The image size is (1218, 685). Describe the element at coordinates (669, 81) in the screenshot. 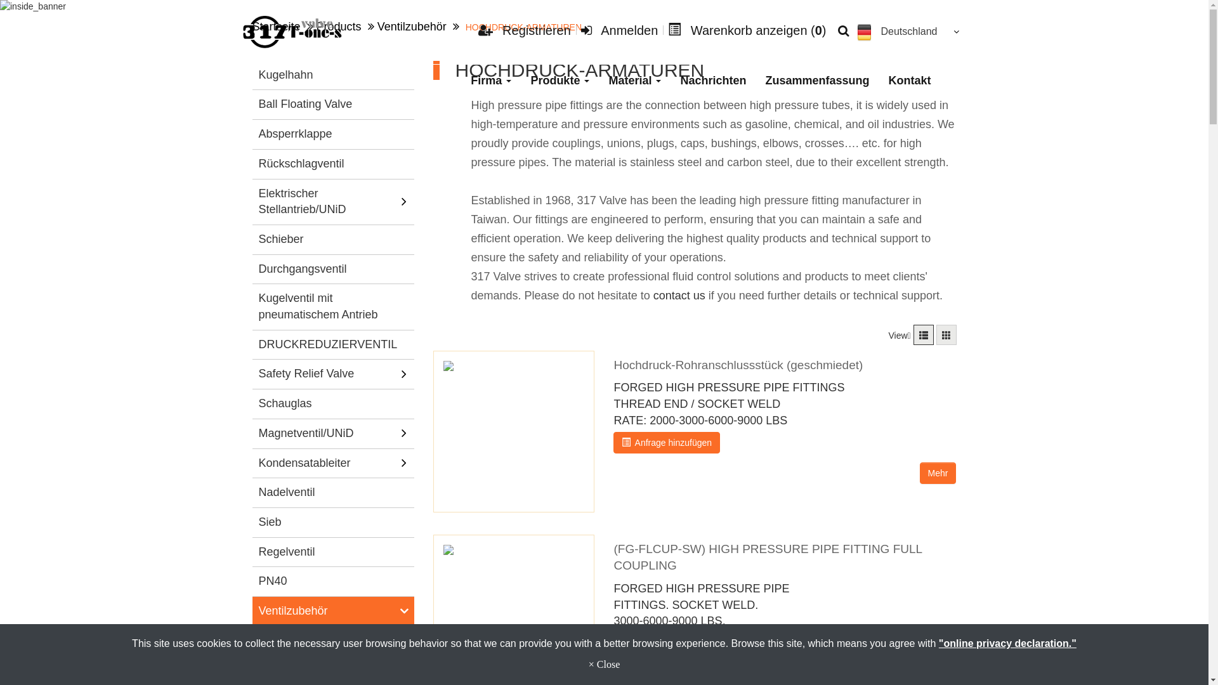

I see `'Nachrichten'` at that location.